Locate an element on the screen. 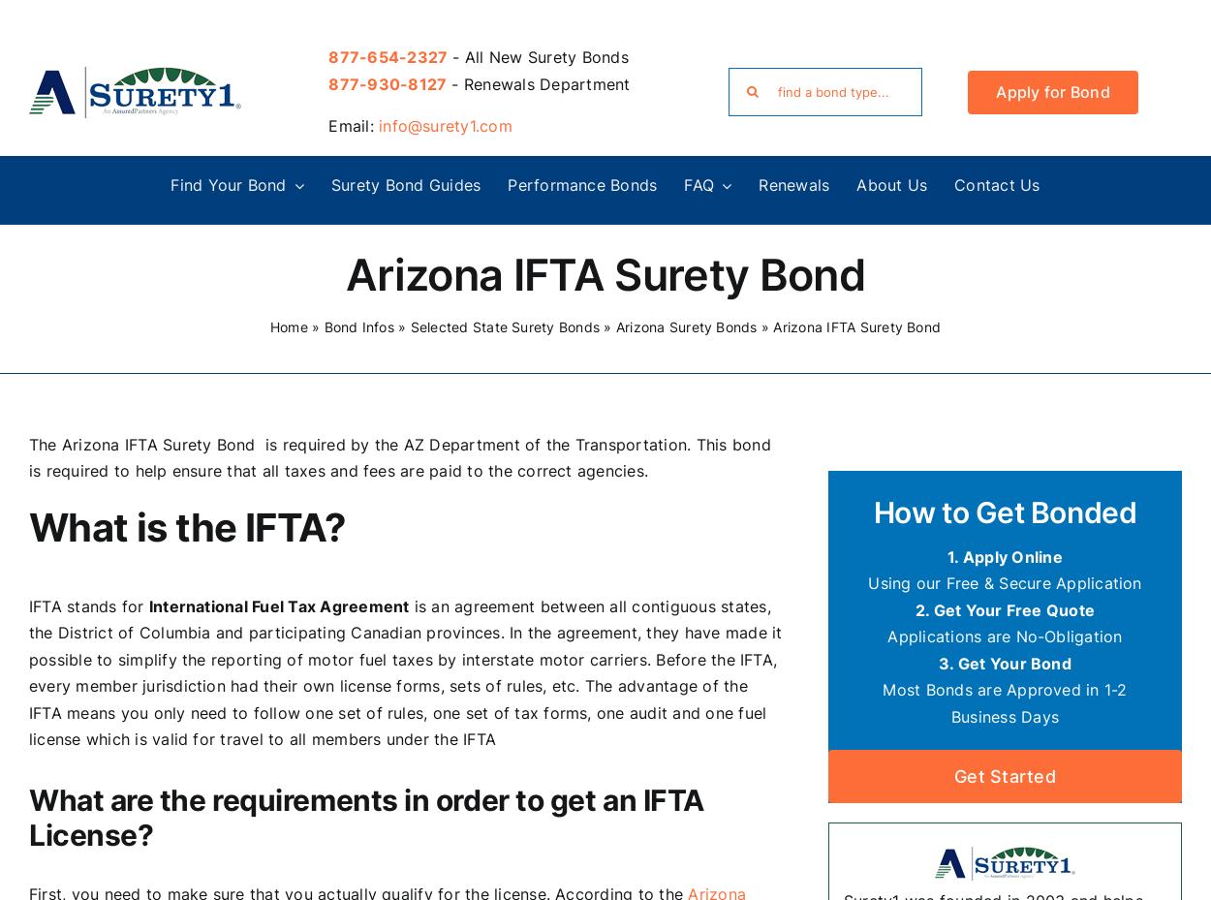 This screenshot has width=1211, height=900. 'Kentucky Surety Bonds' is located at coordinates (891, 391).